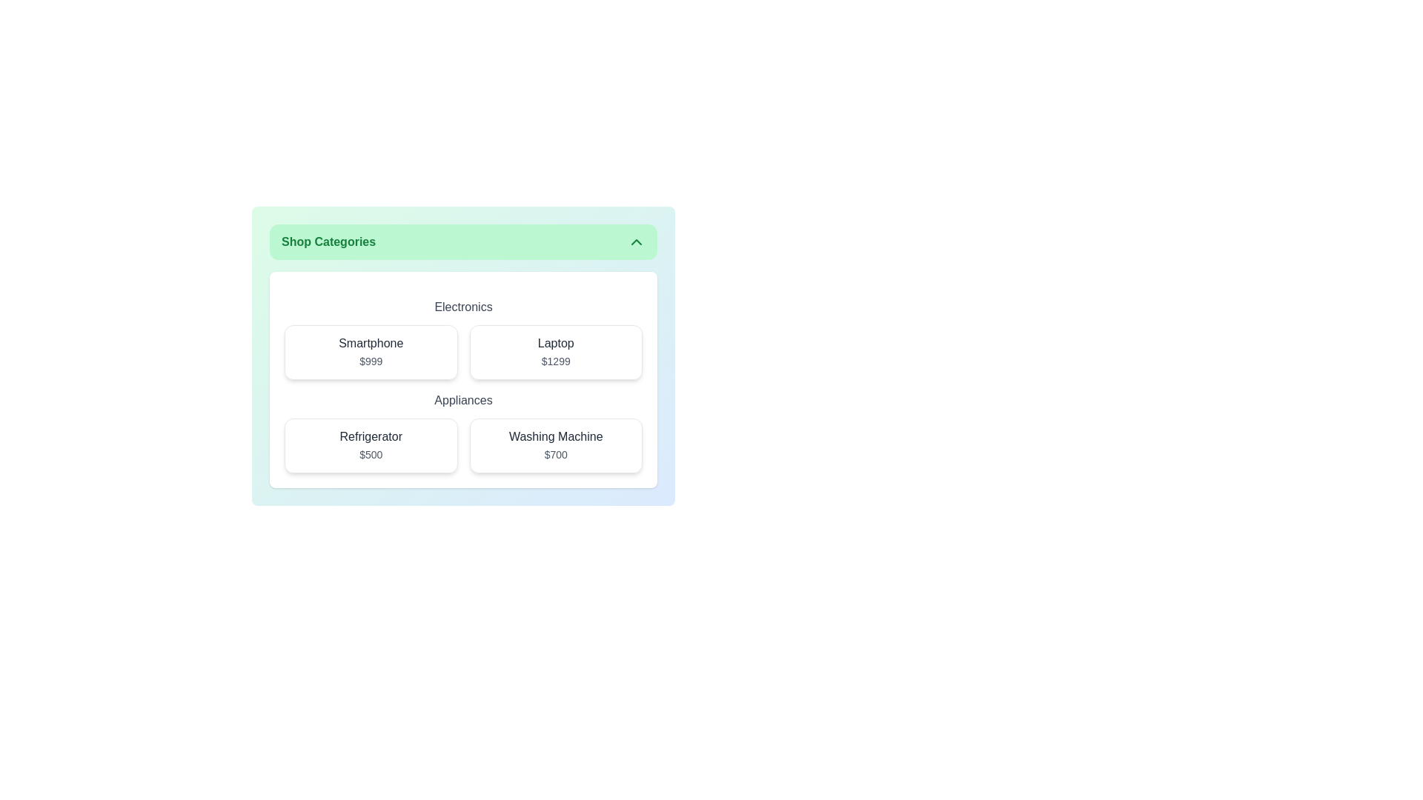  I want to click on the static text label displaying 'Electronics', which is styled with medium font weight and gray color, located at the top of the electronics section, so click(462, 307).